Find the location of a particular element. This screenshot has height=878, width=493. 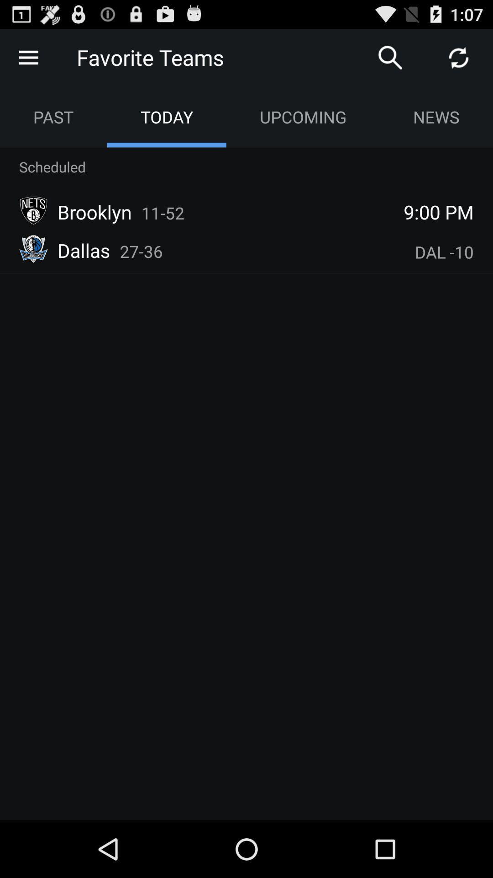

icon next to the brooklyn is located at coordinates (163, 212).